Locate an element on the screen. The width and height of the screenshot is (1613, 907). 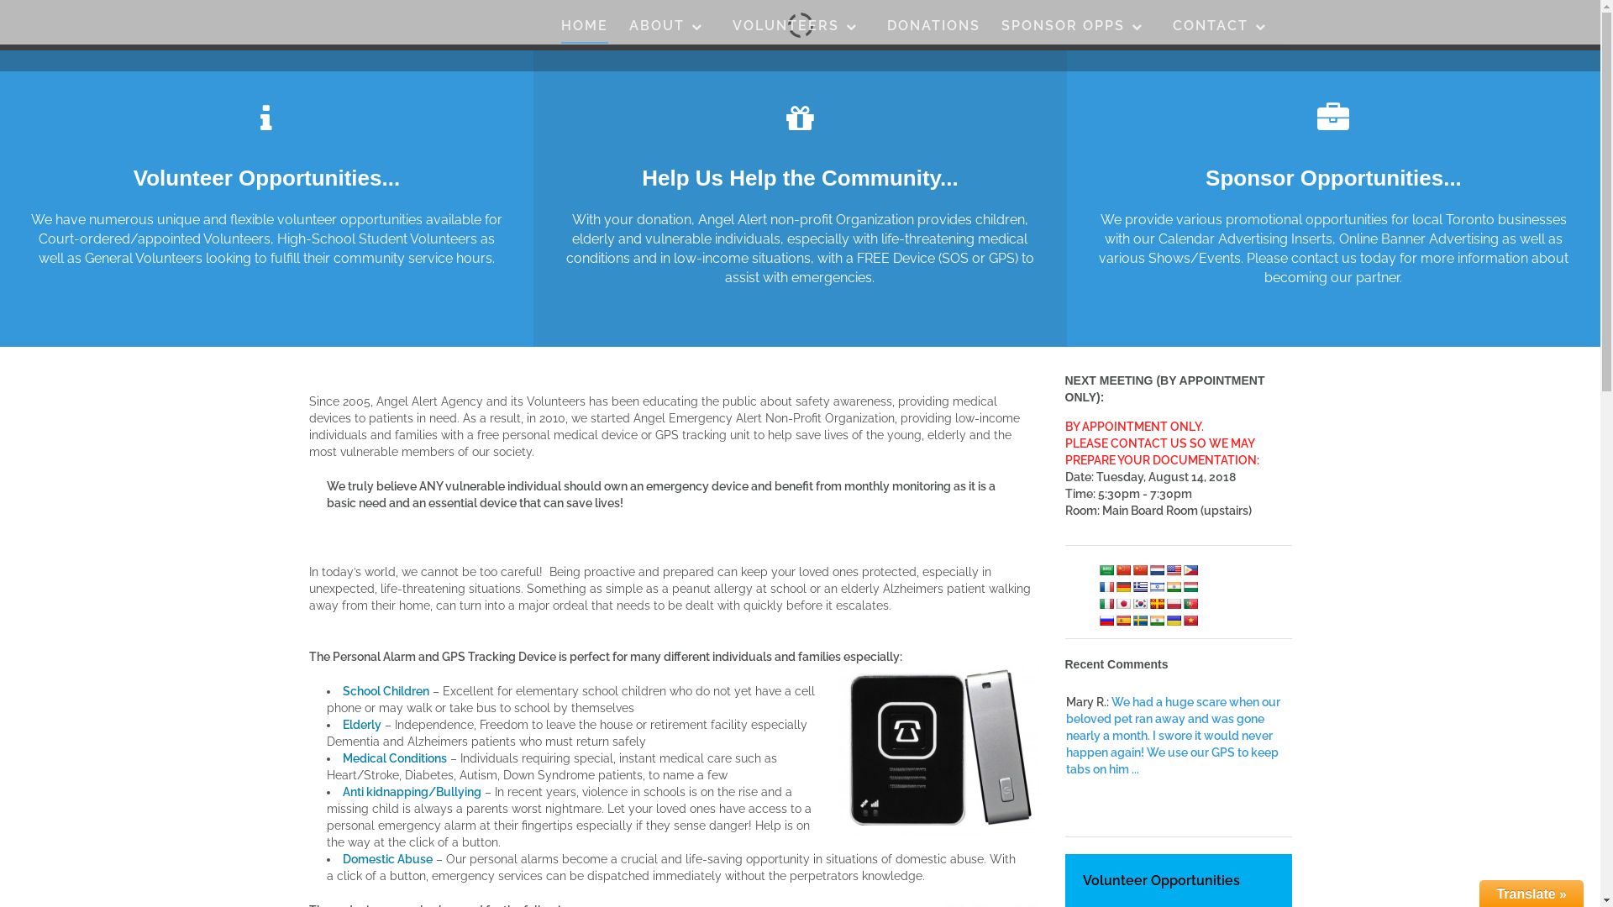
'Chinese(Traditional)' is located at coordinates (1140, 569).